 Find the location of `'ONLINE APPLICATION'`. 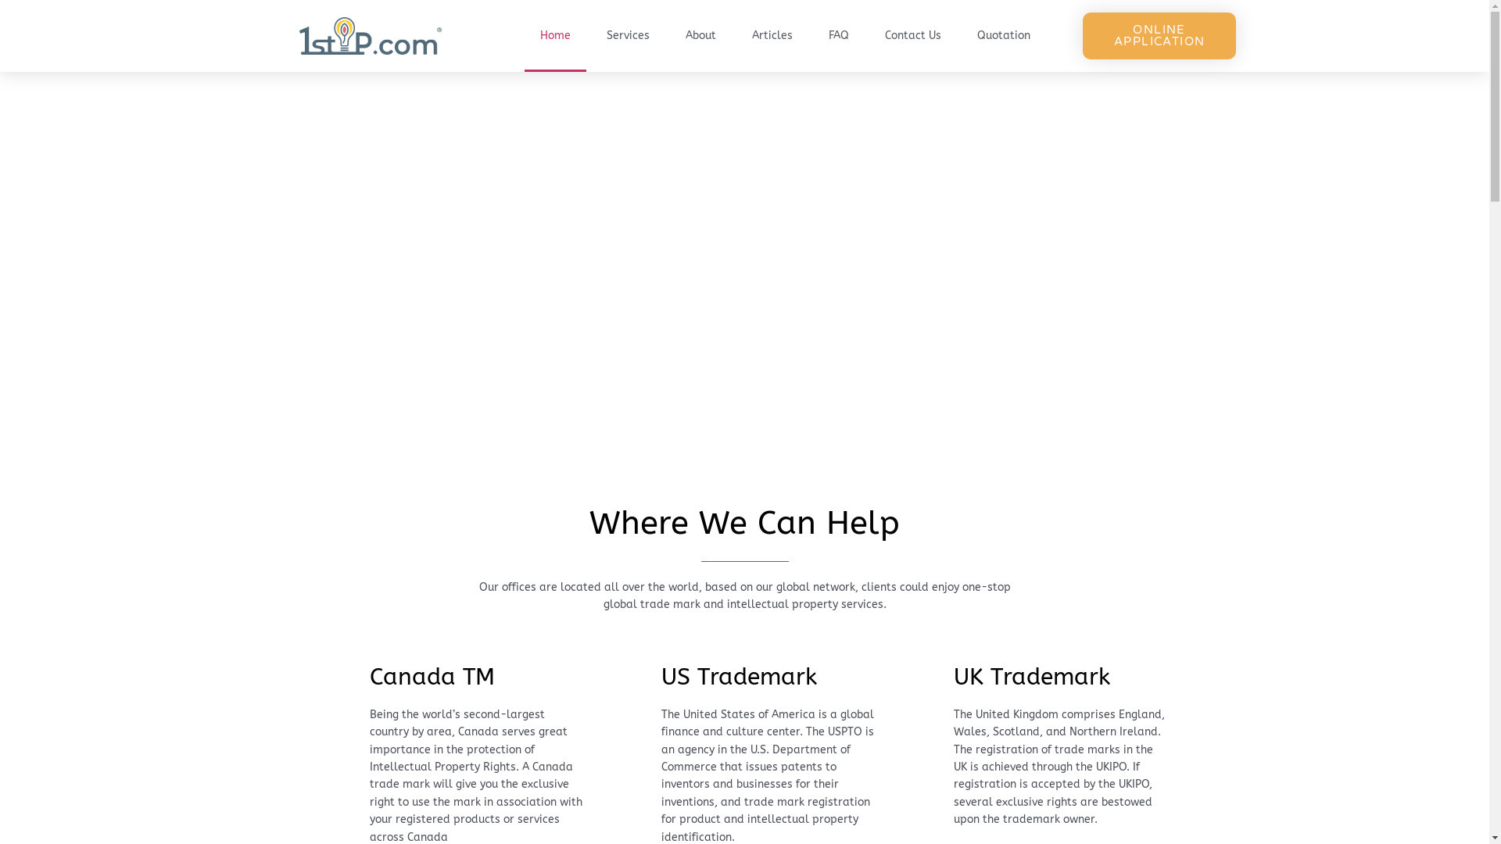

'ONLINE APPLICATION' is located at coordinates (1159, 35).